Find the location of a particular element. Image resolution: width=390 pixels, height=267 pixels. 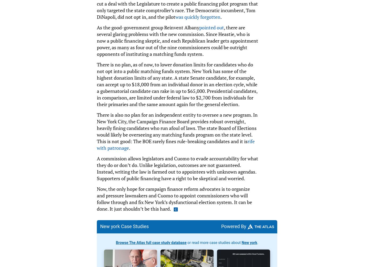

'As the good-government group Reinvent Albany' is located at coordinates (148, 27).